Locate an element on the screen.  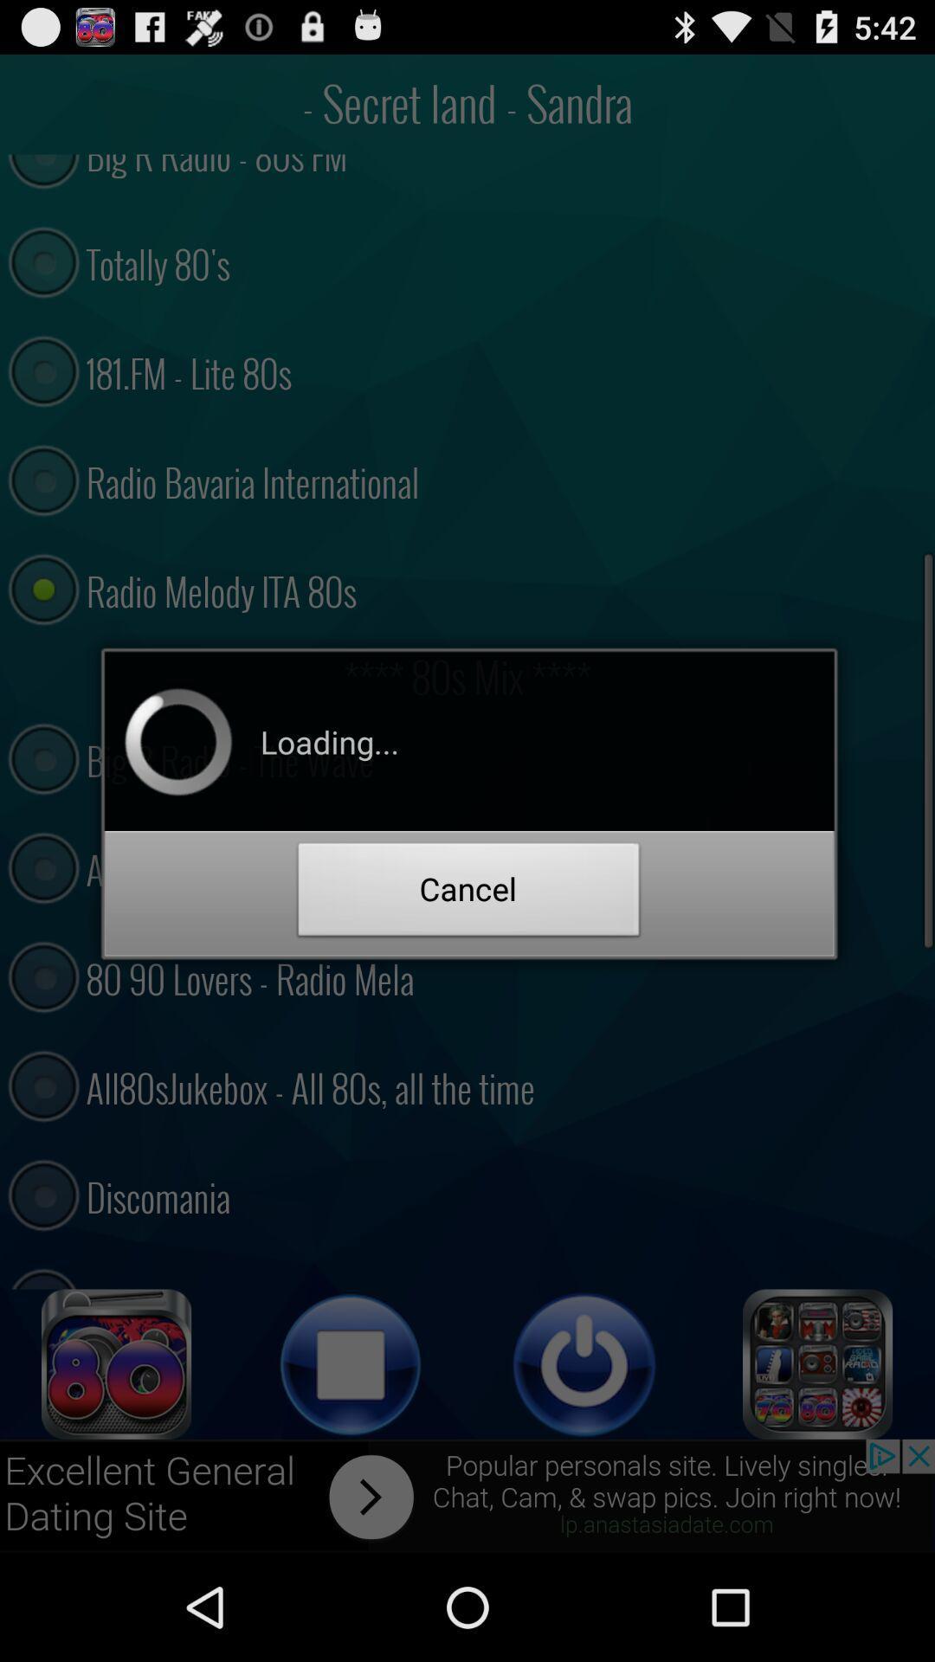
the power icon is located at coordinates (584, 1459).